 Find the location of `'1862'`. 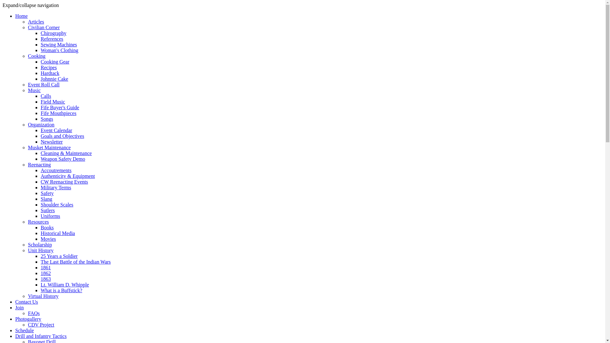

'1862' is located at coordinates (45, 273).